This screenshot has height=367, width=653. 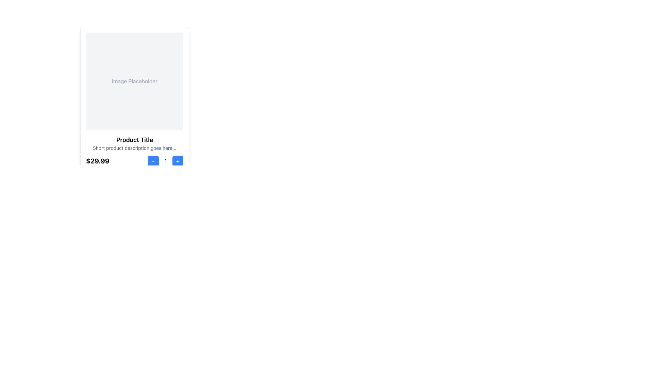 What do you see at coordinates (134, 143) in the screenshot?
I see `the text block displaying 'Product Title' and 'Short product description goes here...' located below the image placeholder` at bounding box center [134, 143].